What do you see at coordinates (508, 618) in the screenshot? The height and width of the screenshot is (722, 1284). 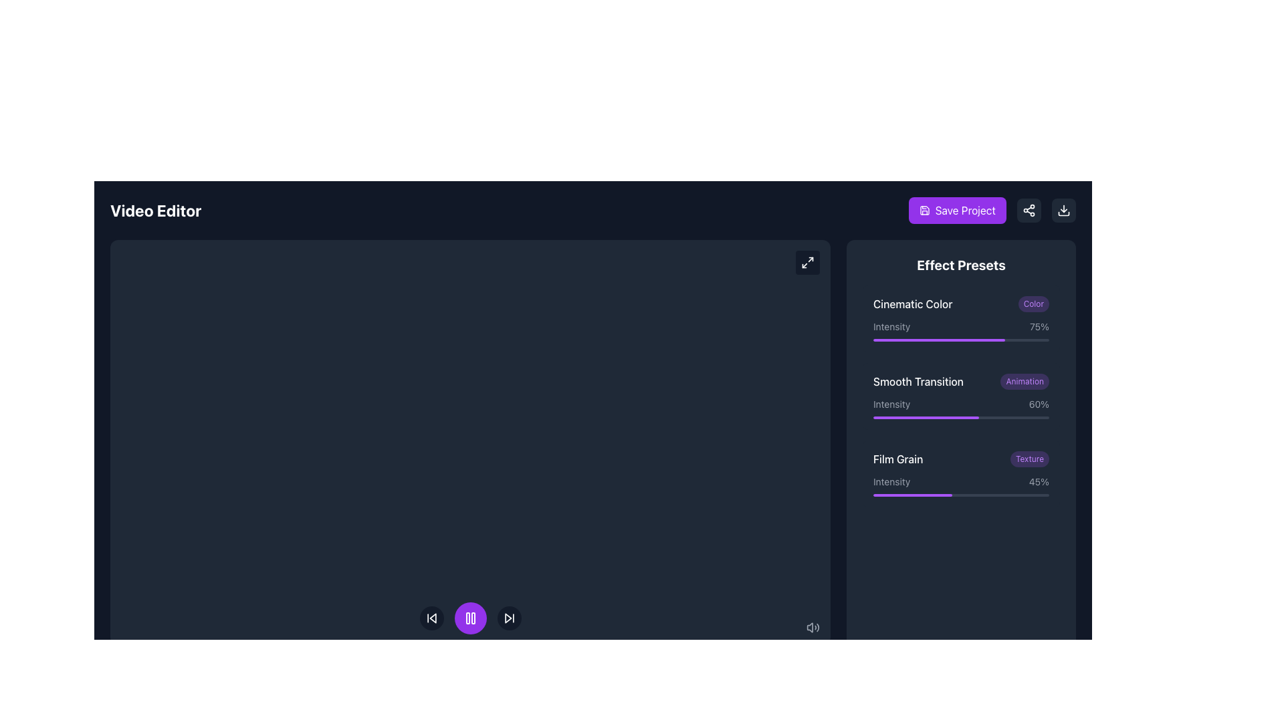 I see `the skip forward button located at the rightmost side of the control bar, adjacent to the central purple play/pause button` at bounding box center [508, 618].